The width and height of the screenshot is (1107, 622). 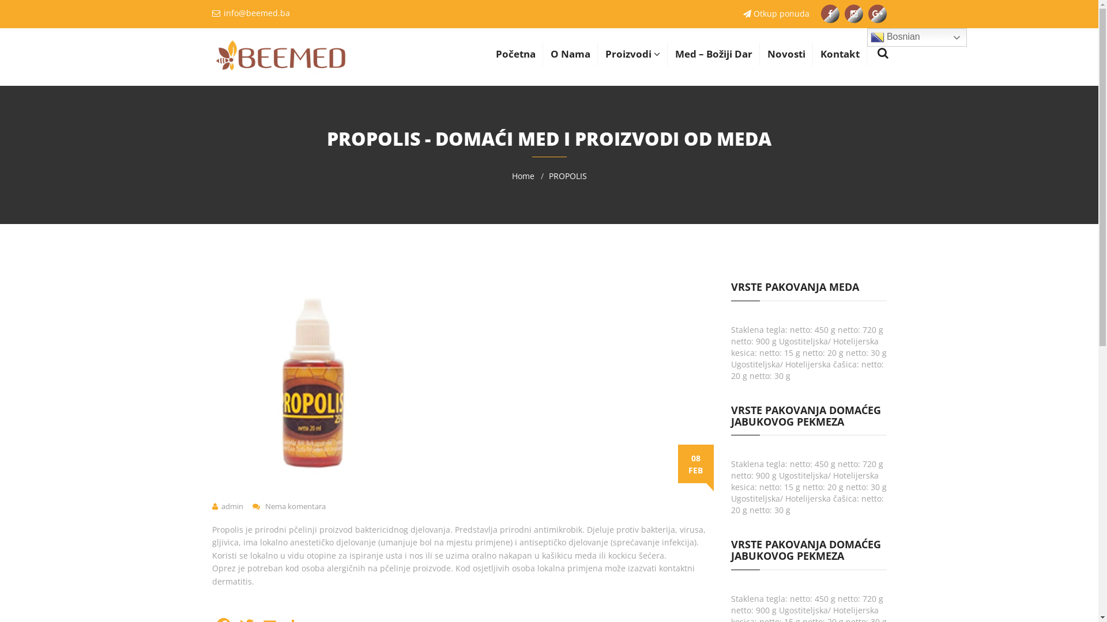 What do you see at coordinates (597, 54) in the screenshot?
I see `'Proizvodi'` at bounding box center [597, 54].